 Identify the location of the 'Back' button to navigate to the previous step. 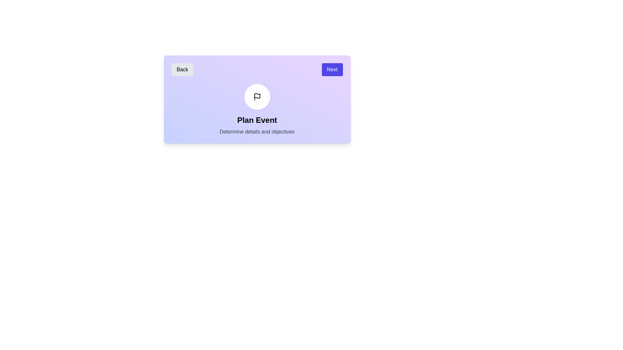
(182, 70).